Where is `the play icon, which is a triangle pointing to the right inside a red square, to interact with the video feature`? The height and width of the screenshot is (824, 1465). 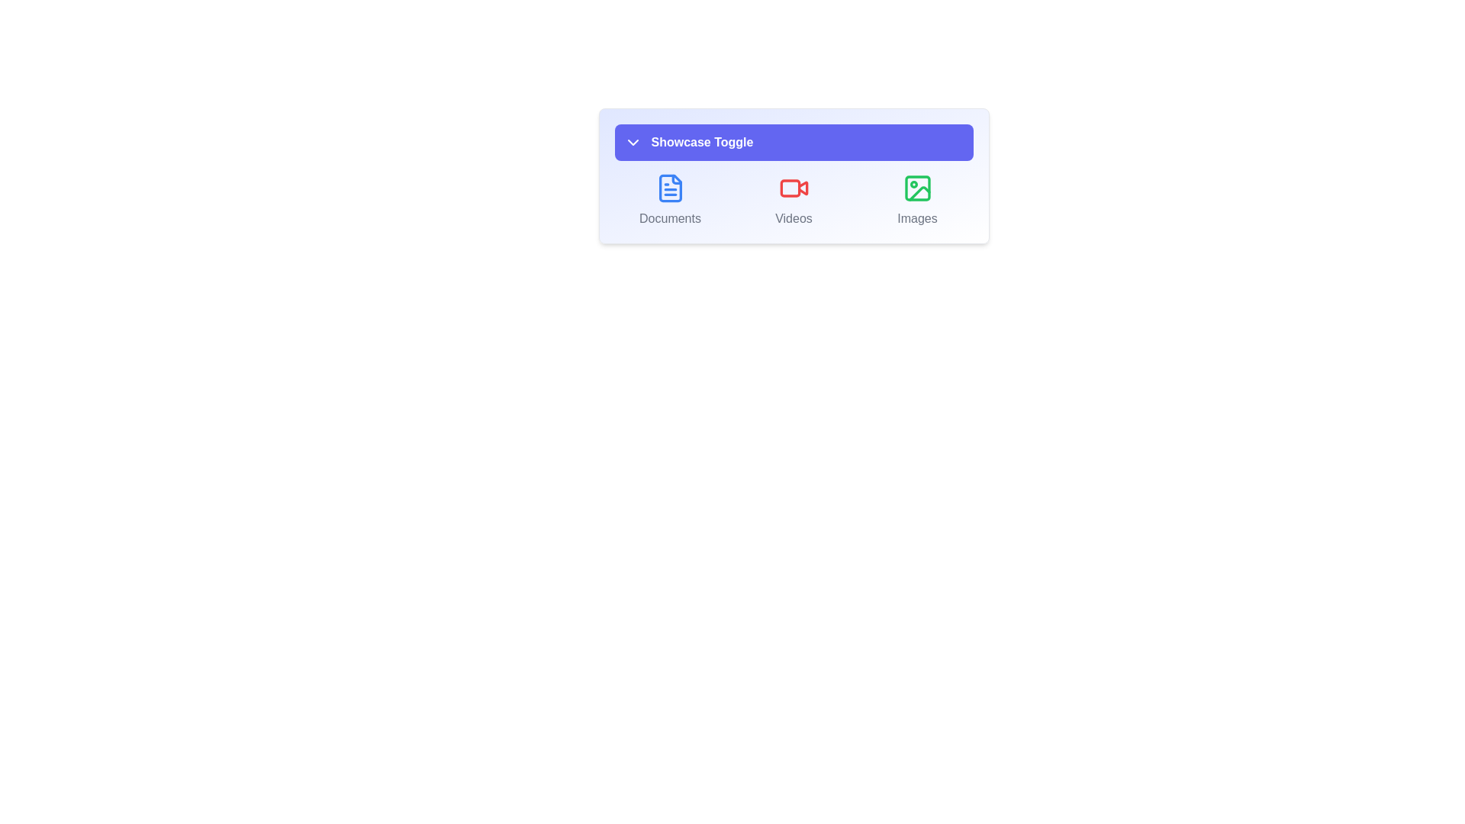
the play icon, which is a triangle pointing to the right inside a red square, to interact with the video feature is located at coordinates (801, 187).